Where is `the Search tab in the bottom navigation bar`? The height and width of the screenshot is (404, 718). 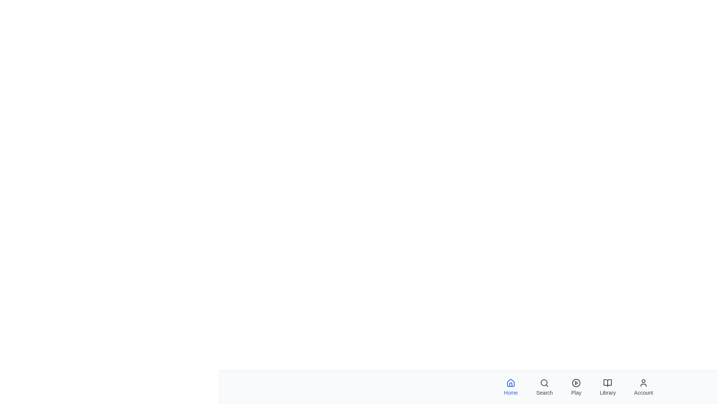 the Search tab in the bottom navigation bar is located at coordinates (544, 387).